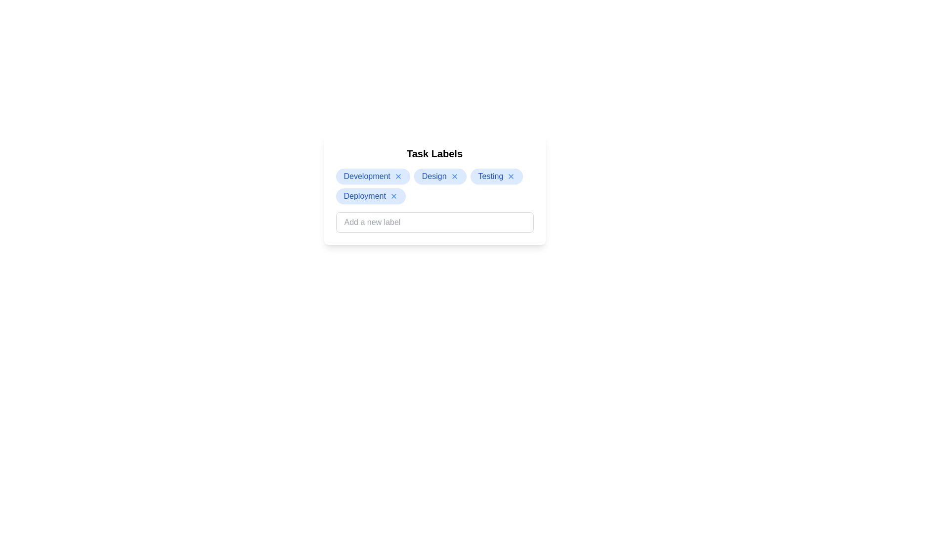  I want to click on the second label in the group of task labels, located below the 'Task Labels' heading, for selection or interaction, so click(439, 176).